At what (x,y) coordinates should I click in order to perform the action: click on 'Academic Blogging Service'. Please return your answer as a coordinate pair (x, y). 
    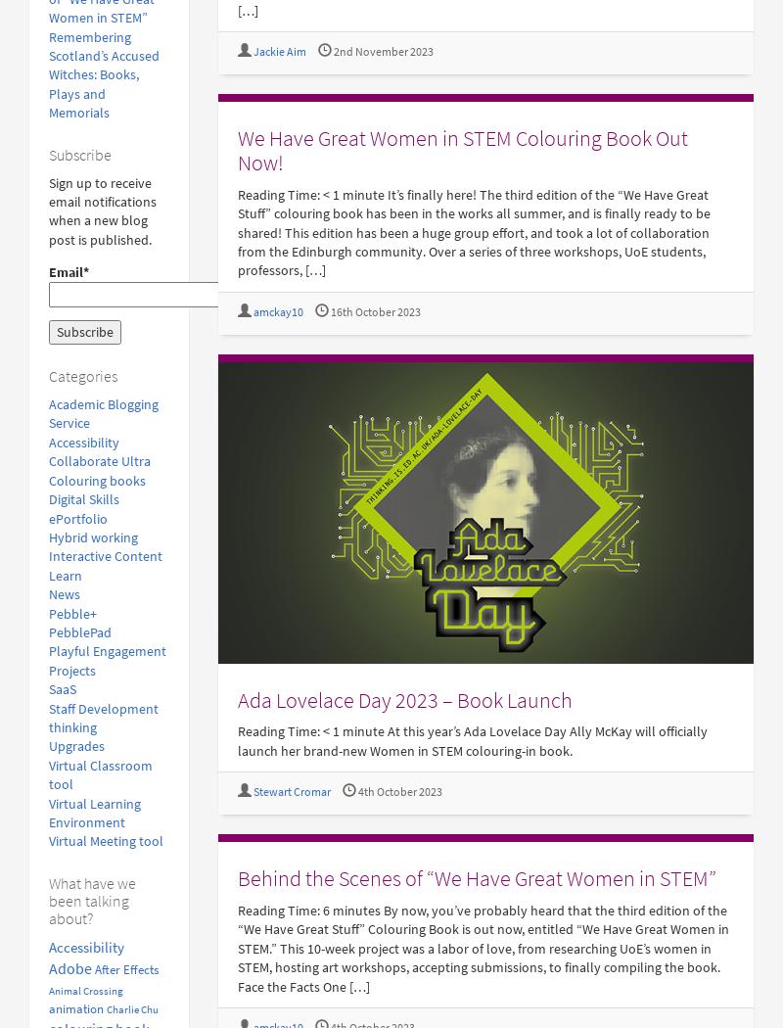
    Looking at the image, I should click on (103, 413).